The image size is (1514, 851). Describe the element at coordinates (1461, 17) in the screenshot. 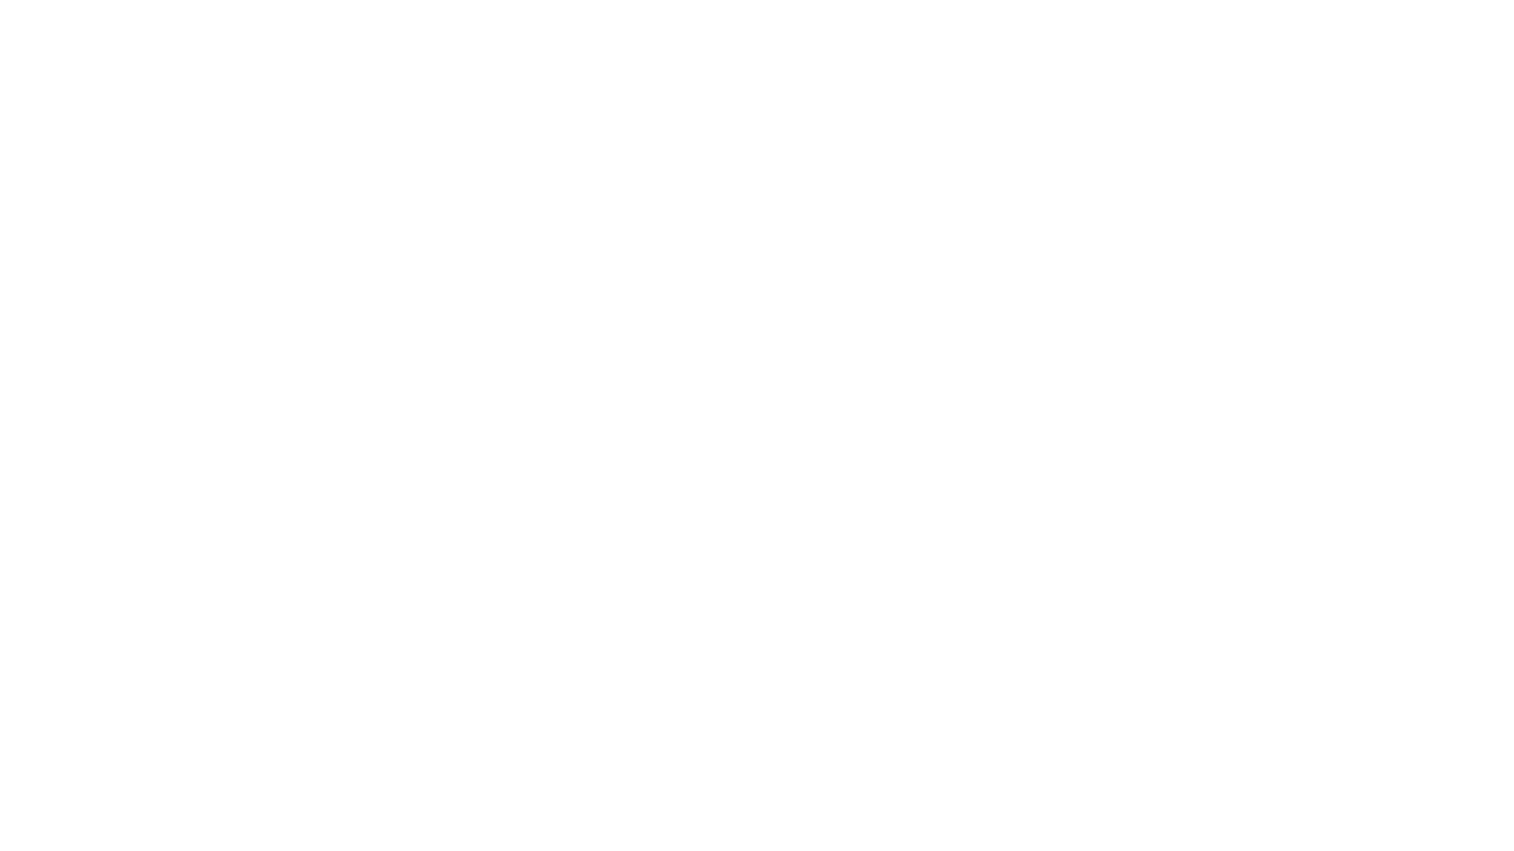

I see `Try Notion` at that location.